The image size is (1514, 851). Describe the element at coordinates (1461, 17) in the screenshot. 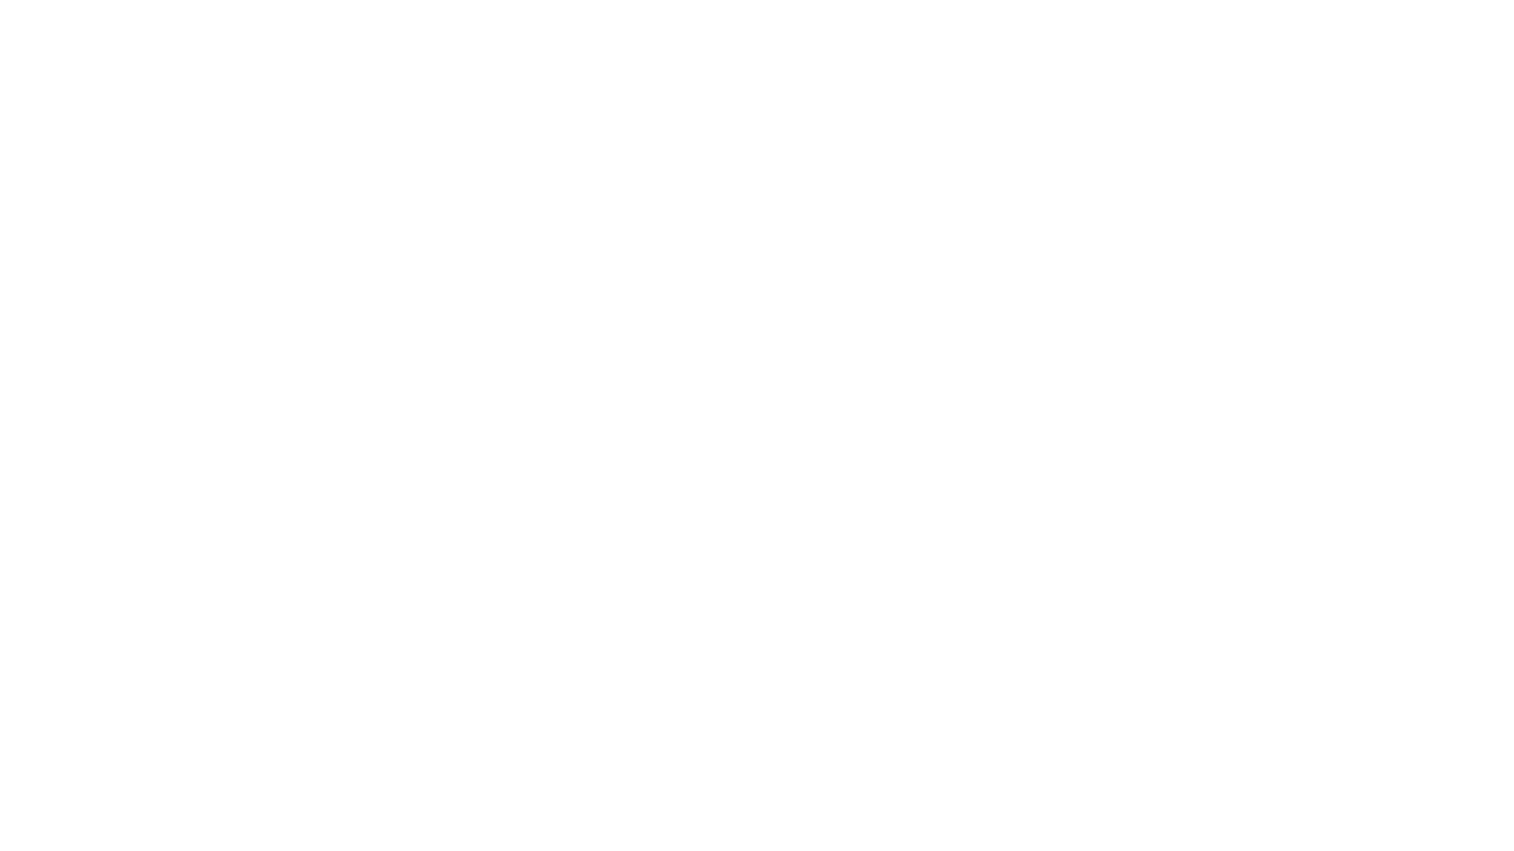

I see `Try Notion` at that location.